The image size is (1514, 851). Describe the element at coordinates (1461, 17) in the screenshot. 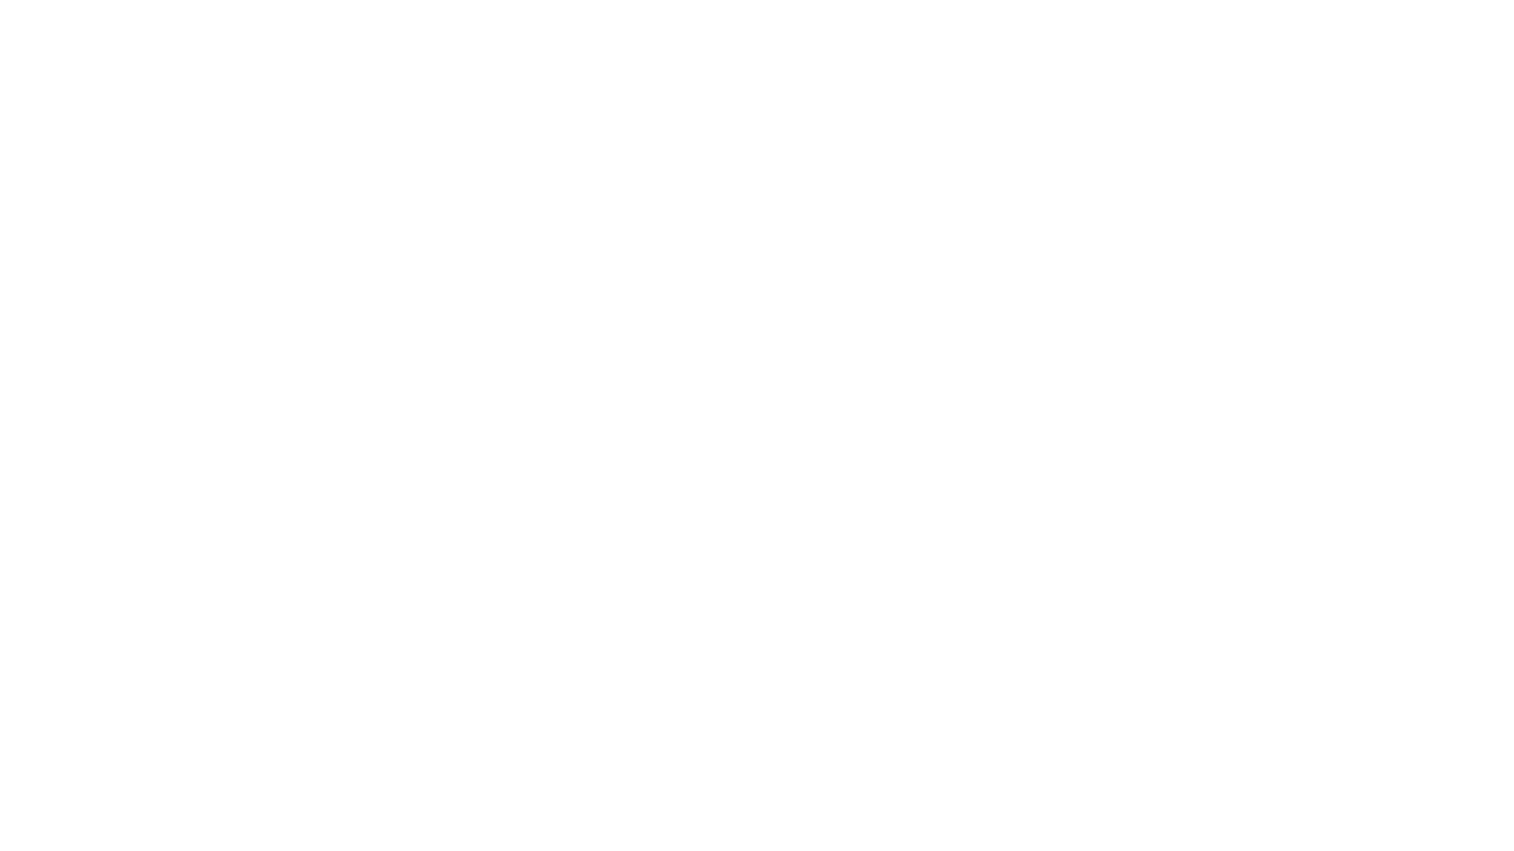

I see `Try Notion` at that location.